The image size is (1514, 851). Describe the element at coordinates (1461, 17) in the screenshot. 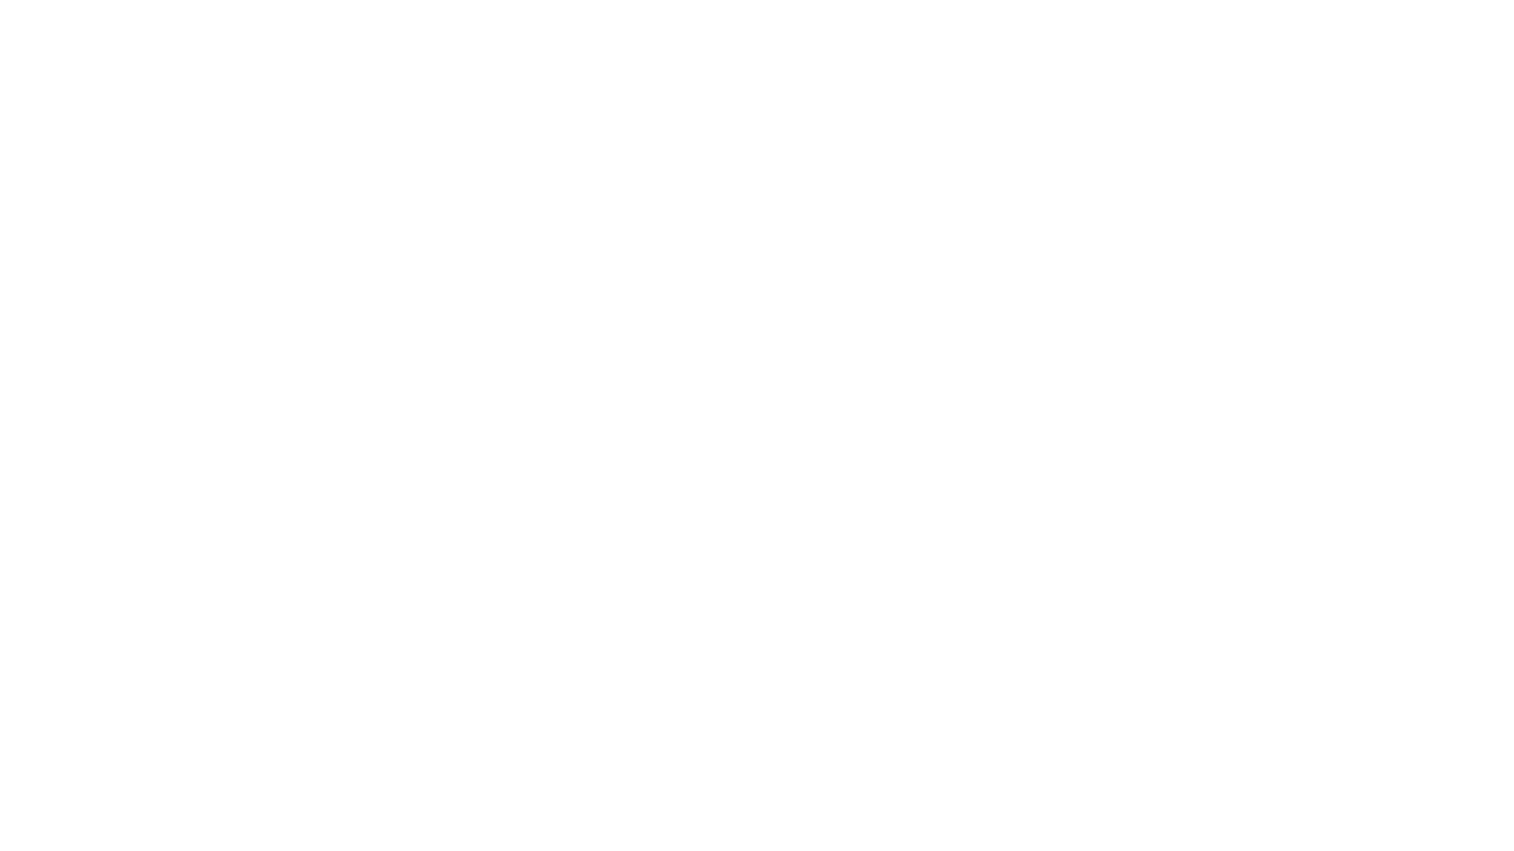

I see `Try Notion` at that location.